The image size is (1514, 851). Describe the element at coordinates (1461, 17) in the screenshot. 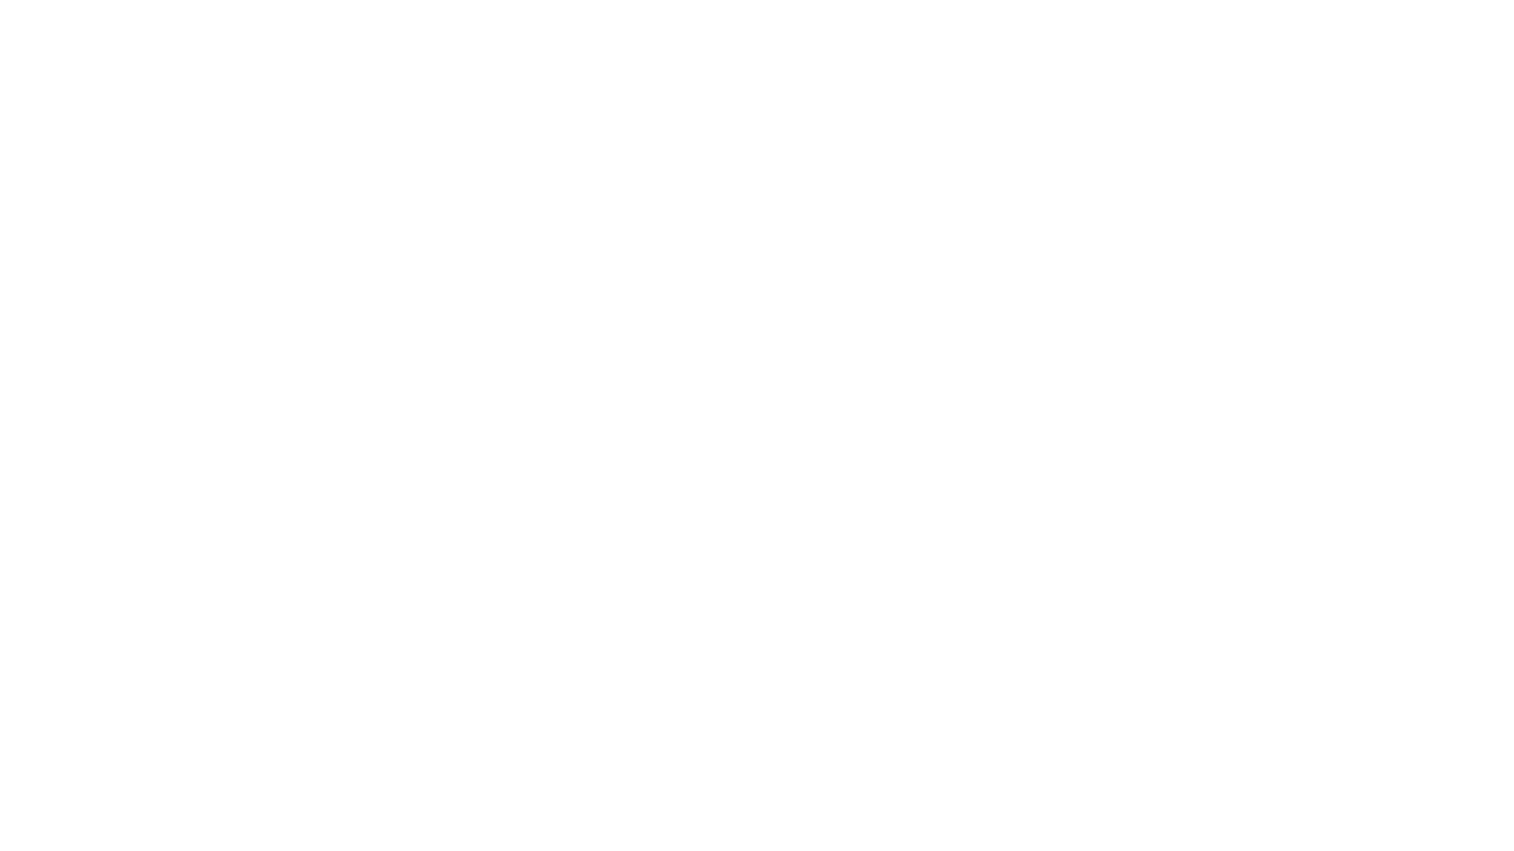

I see `Try Notion` at that location.